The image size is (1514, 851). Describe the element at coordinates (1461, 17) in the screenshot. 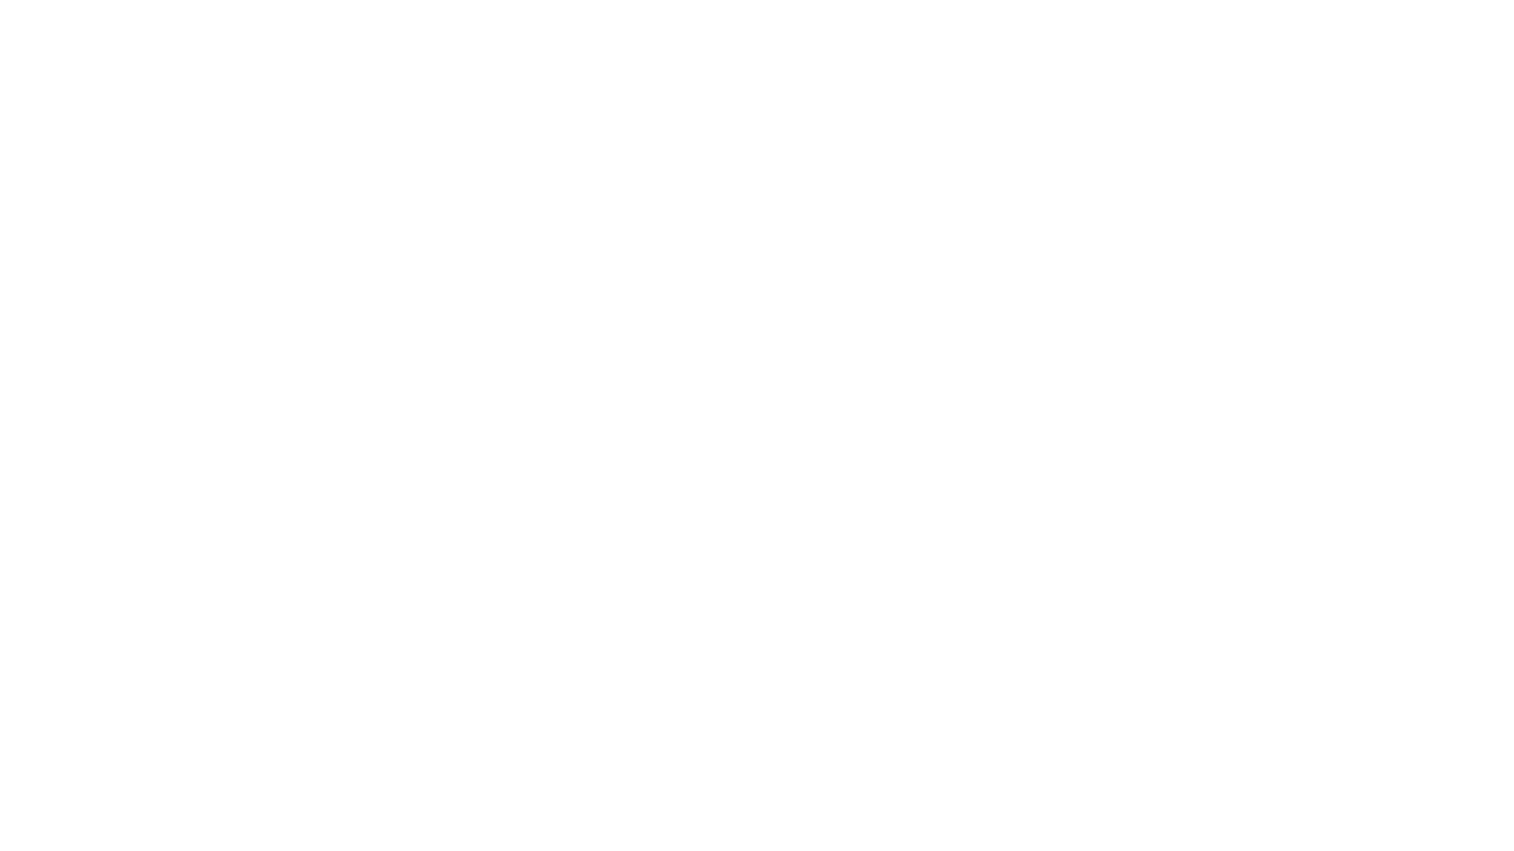

I see `Try Notion` at that location.